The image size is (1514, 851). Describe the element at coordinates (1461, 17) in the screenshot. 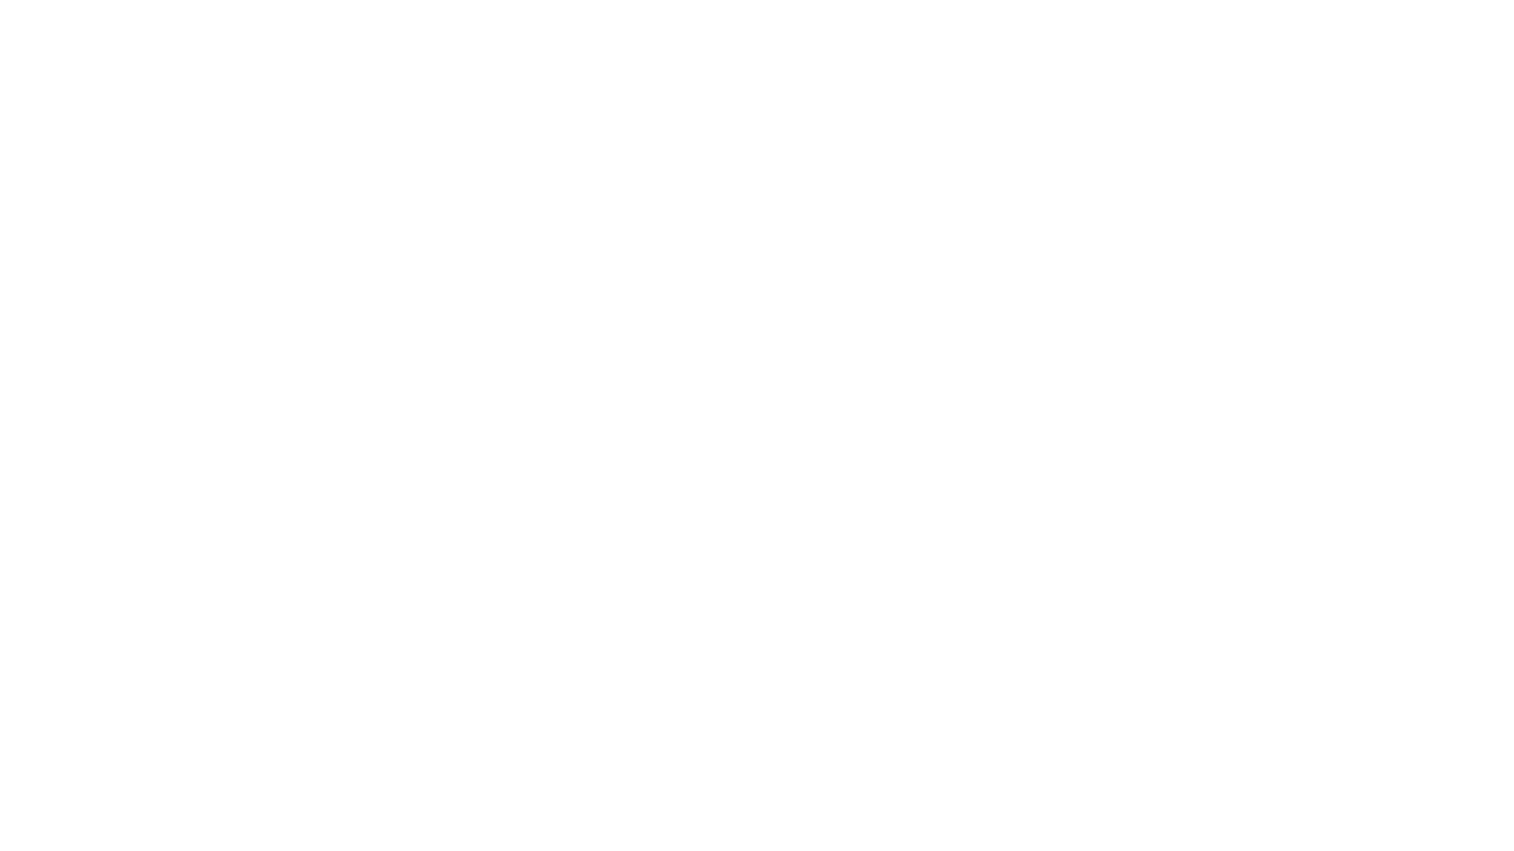

I see `Try Notion` at that location.